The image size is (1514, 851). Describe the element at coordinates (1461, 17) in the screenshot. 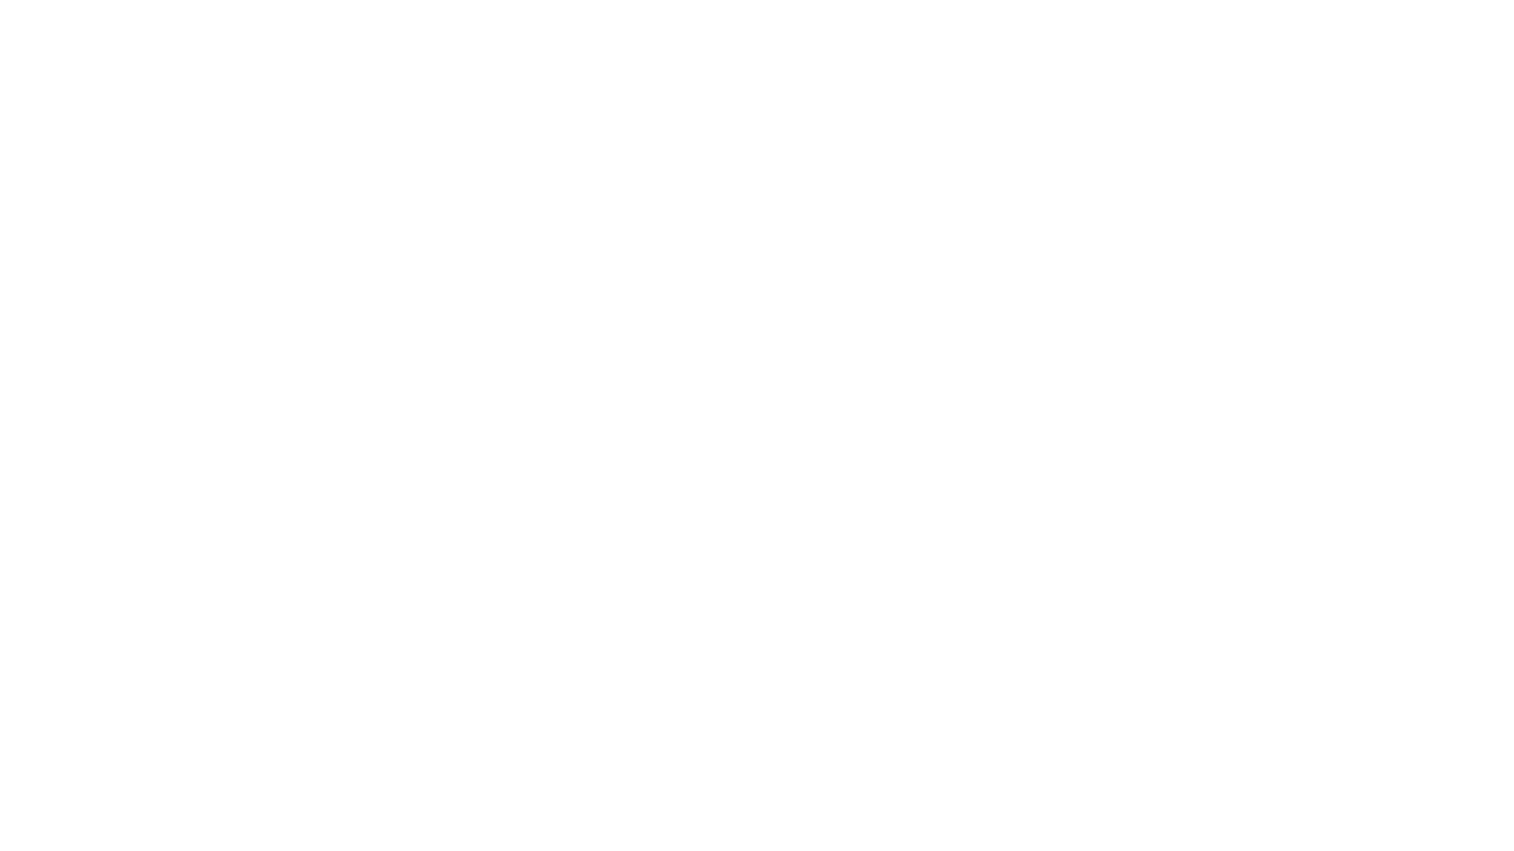

I see `Try Notion` at that location.